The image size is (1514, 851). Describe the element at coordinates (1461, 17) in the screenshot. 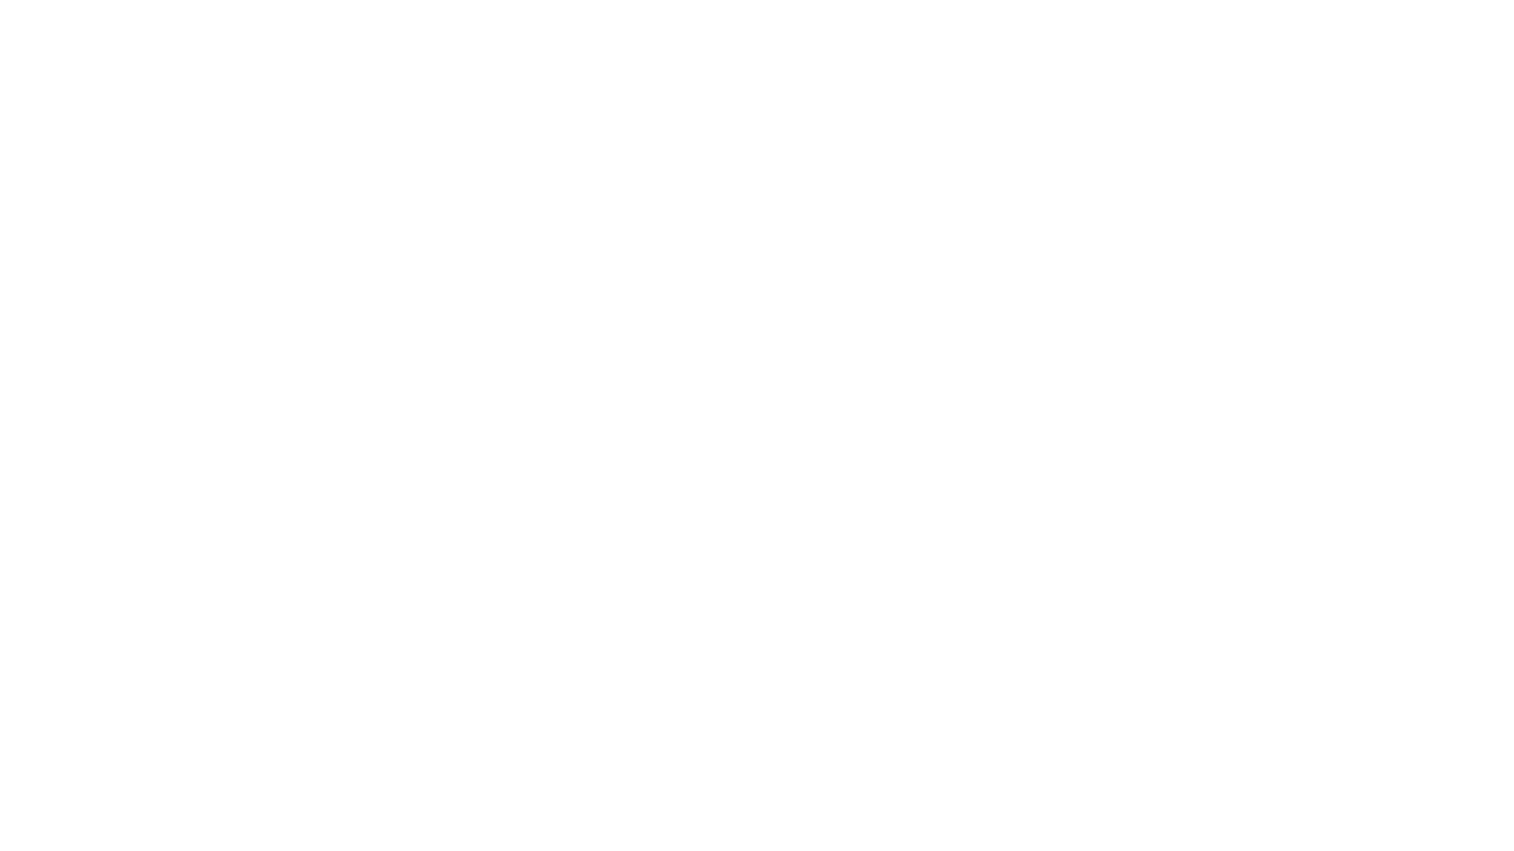

I see `Try Notion` at that location.